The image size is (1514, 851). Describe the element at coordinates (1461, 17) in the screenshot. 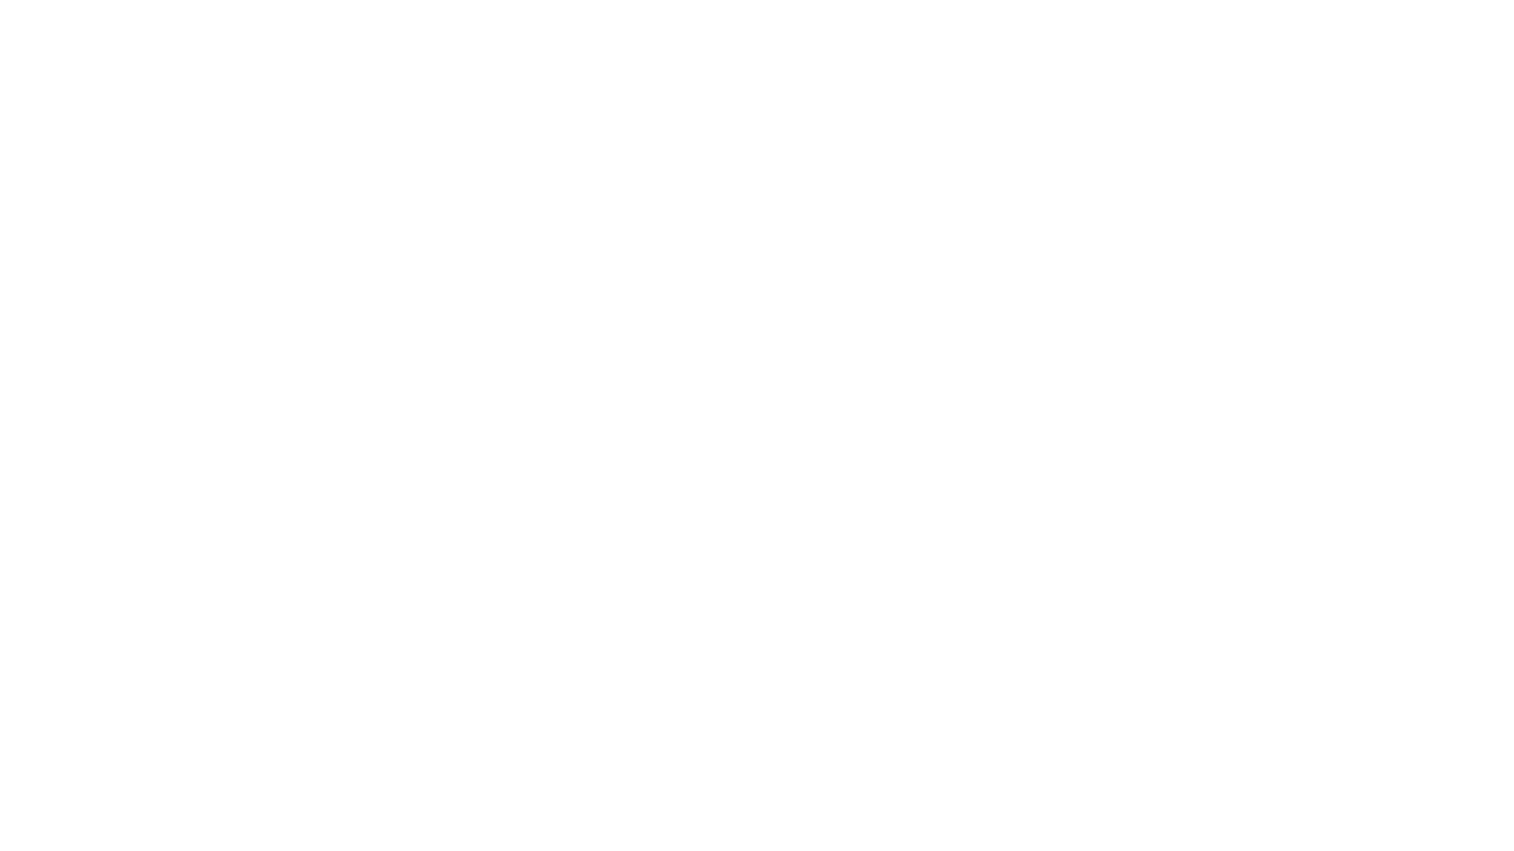

I see `Try Notion` at that location.